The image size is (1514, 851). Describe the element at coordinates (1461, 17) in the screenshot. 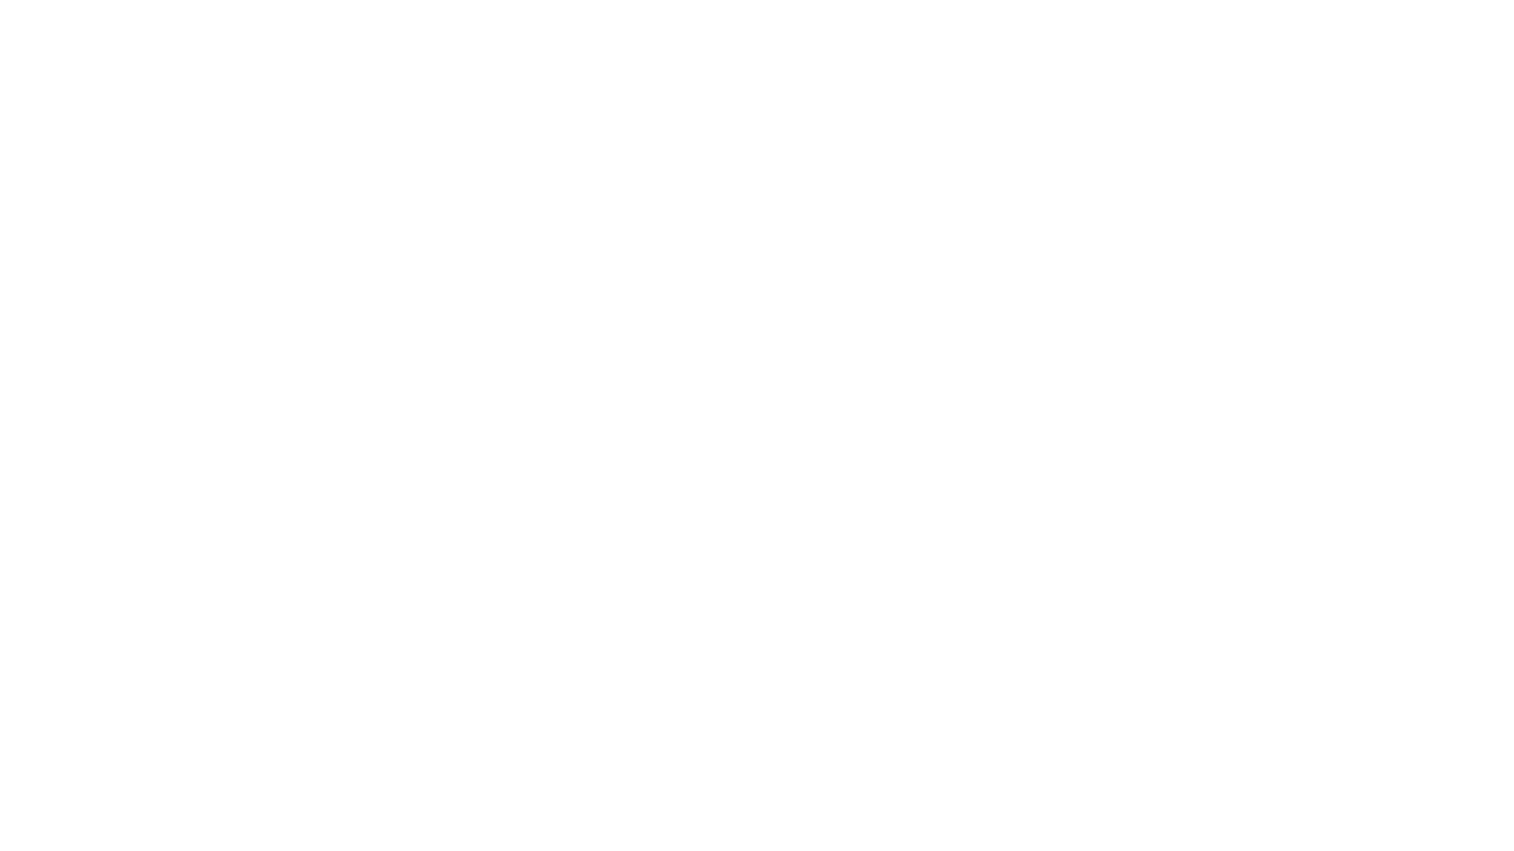

I see `Try Notion` at that location.